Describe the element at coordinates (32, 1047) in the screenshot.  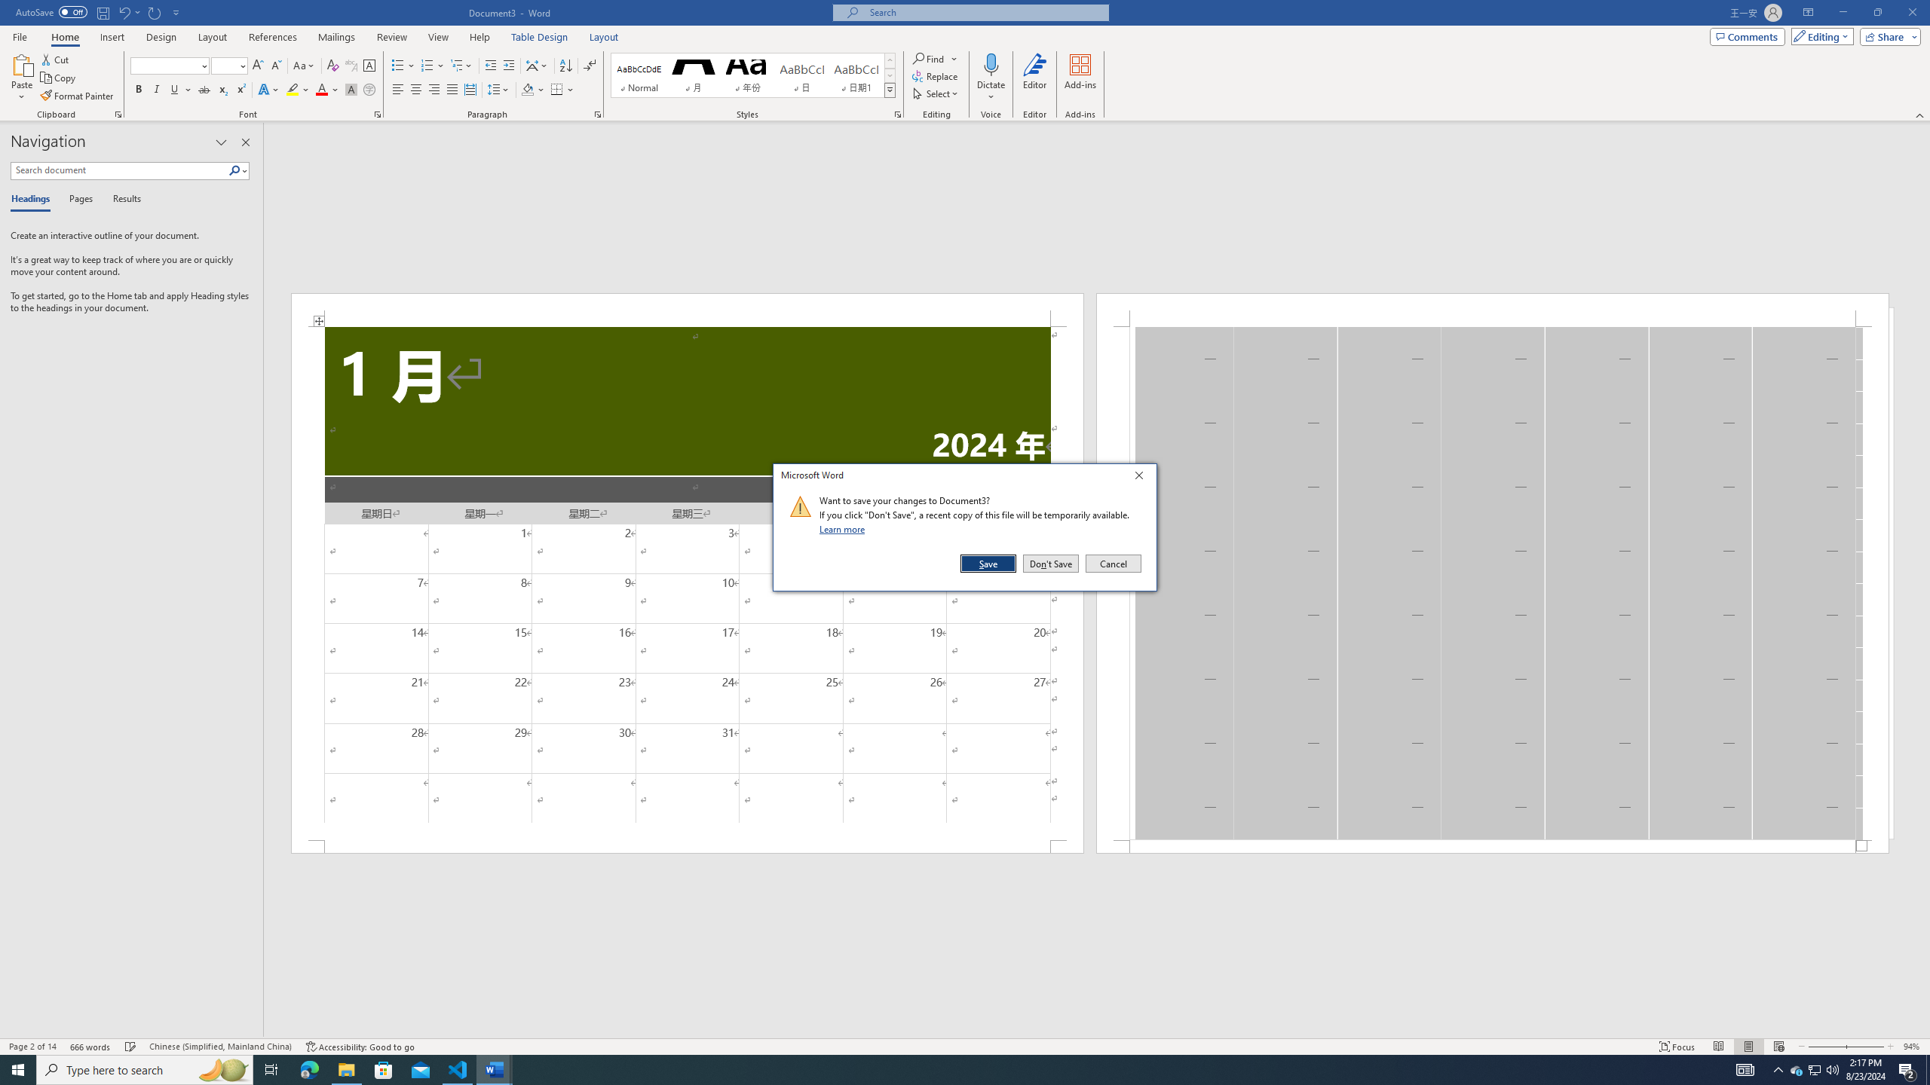
I see `'Page Number Page 2 of 14'` at that location.